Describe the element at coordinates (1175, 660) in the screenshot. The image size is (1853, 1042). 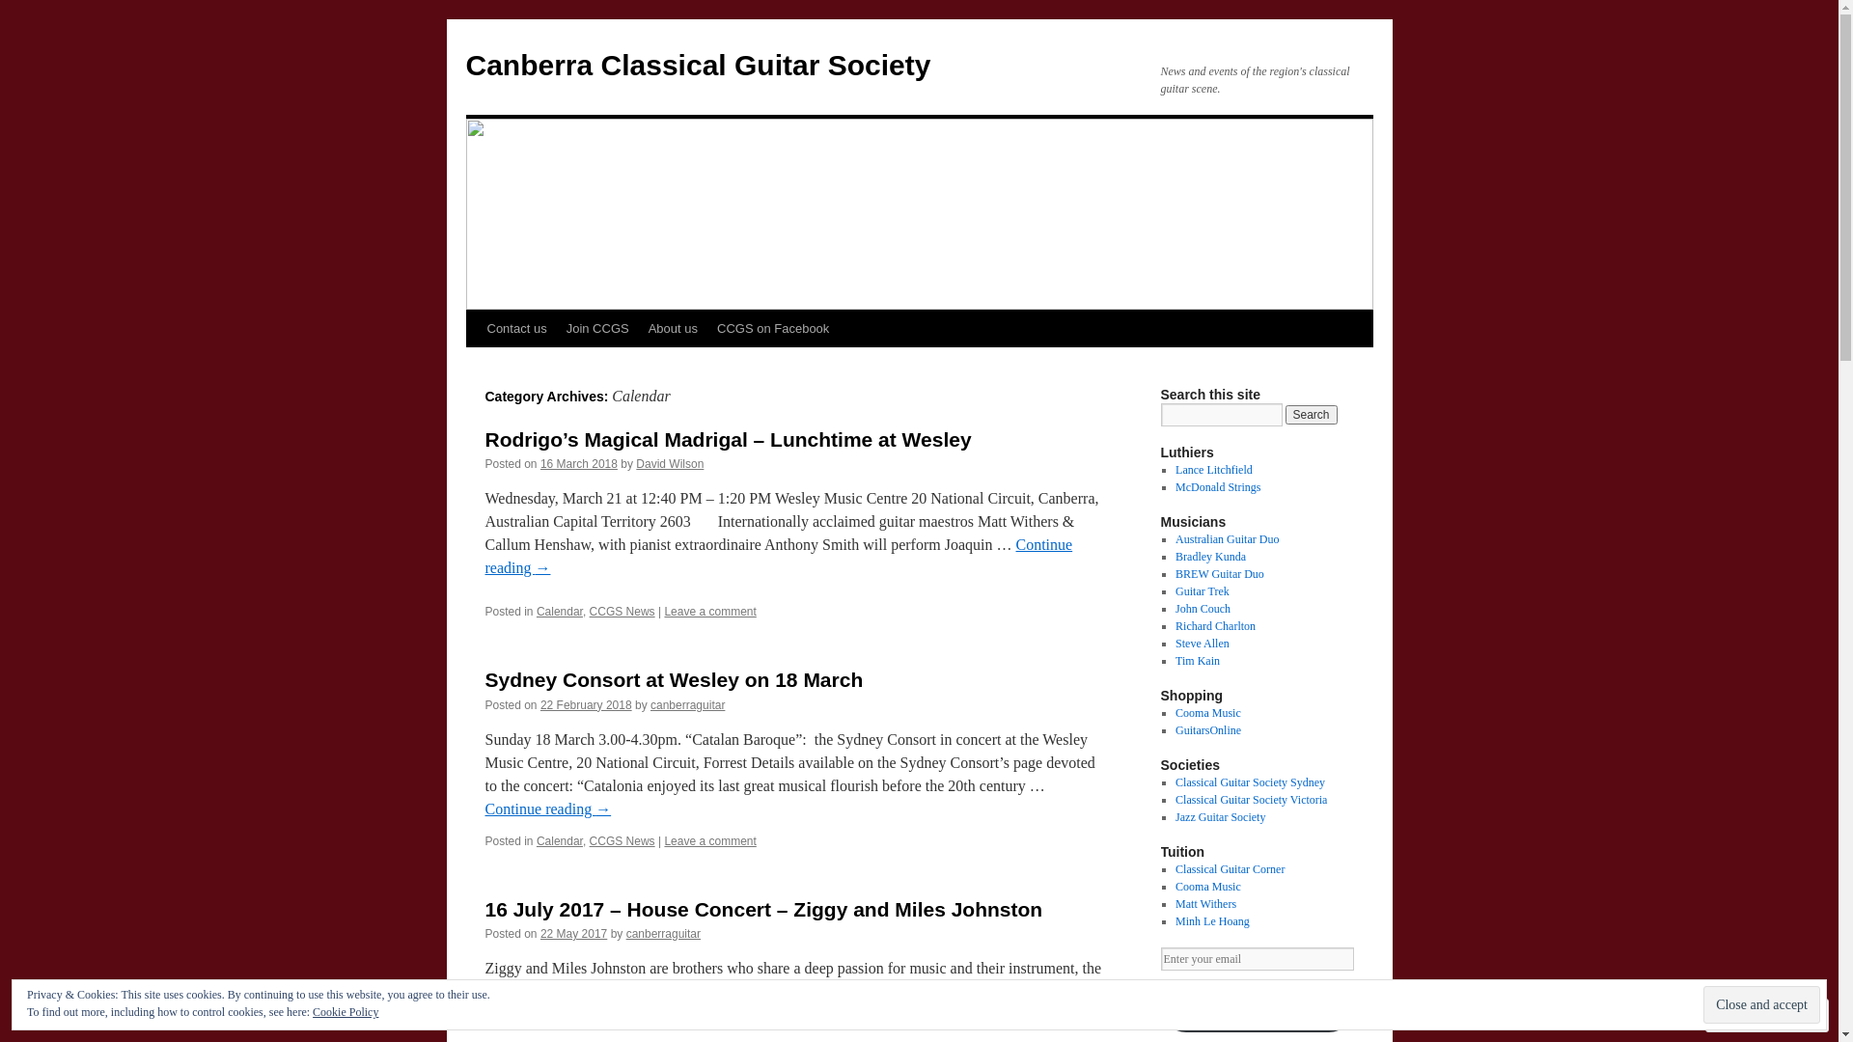
I see `'Tim Kain'` at that location.